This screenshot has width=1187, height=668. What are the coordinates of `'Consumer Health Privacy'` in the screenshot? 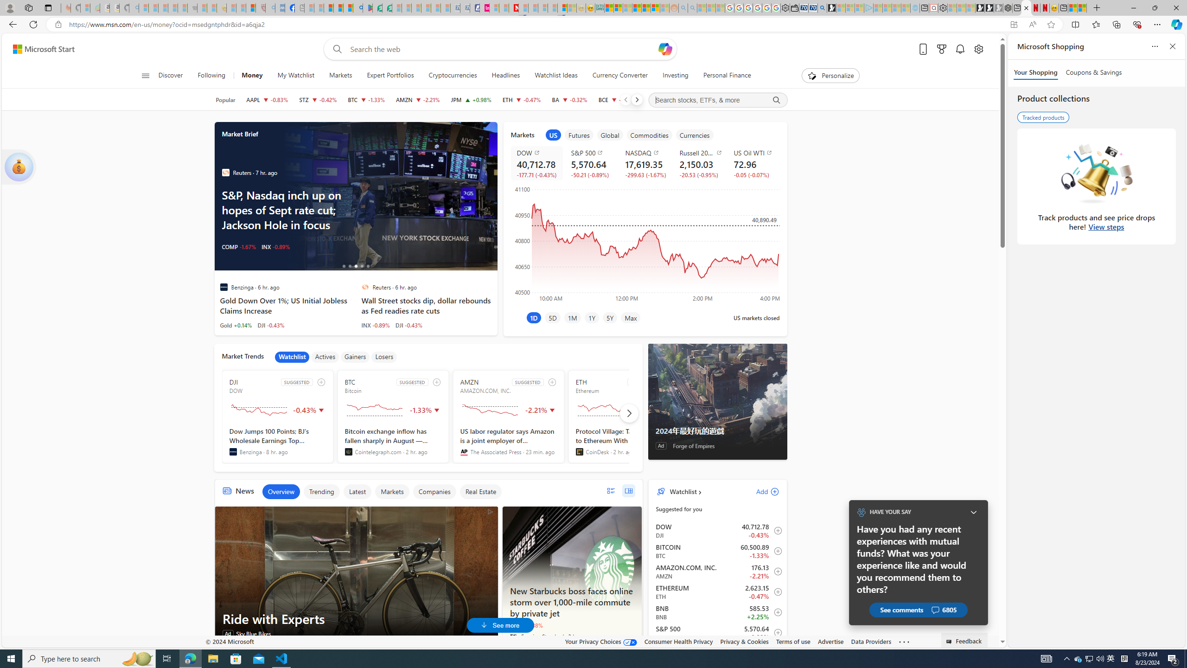 It's located at (678, 641).